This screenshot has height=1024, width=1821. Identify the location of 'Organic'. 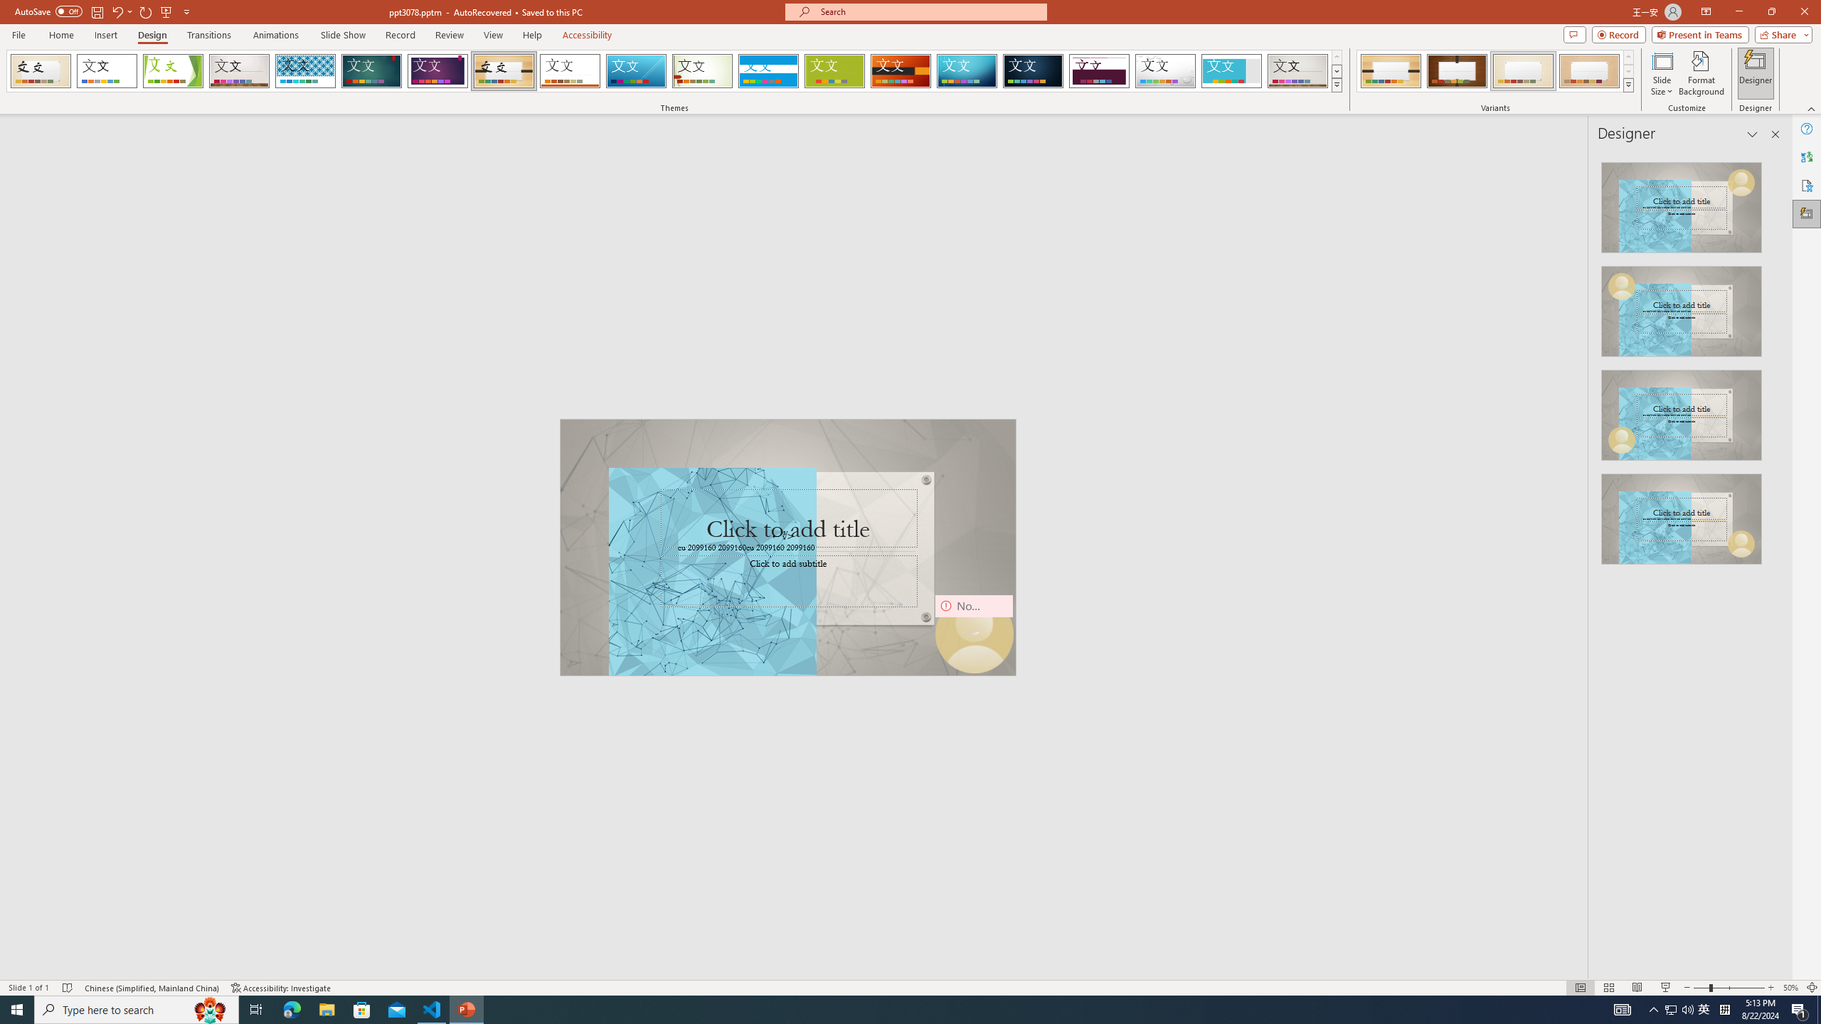
(504, 70).